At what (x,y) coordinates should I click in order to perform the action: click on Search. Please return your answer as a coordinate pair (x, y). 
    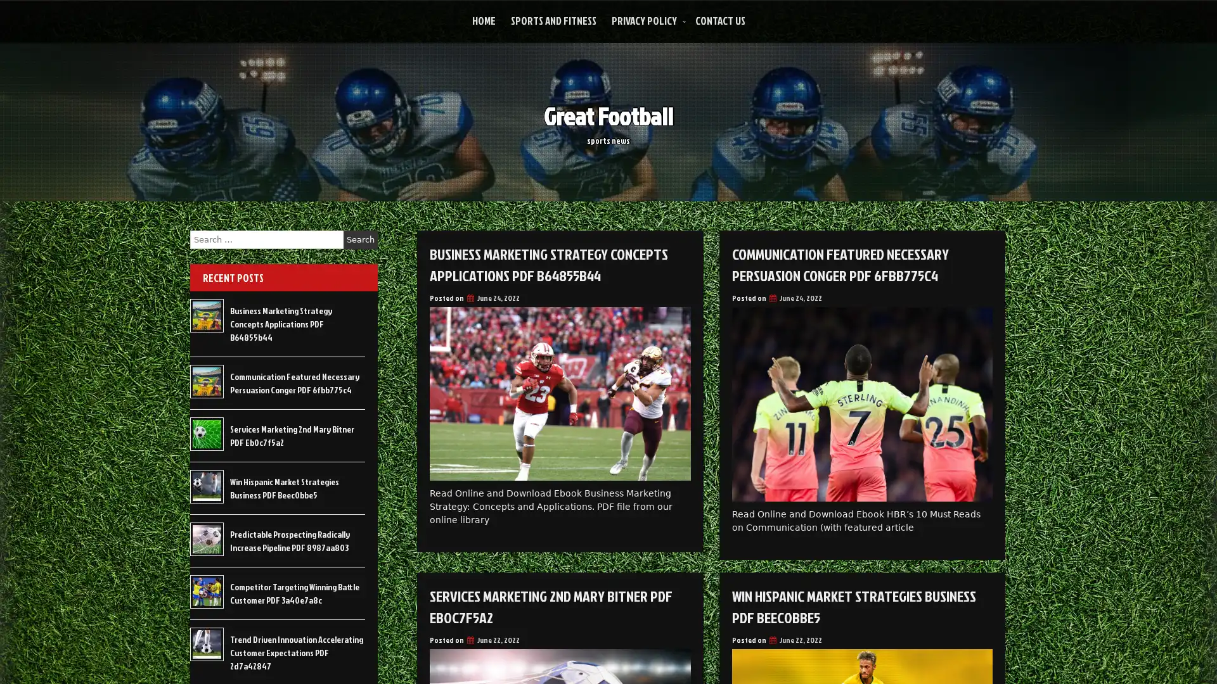
    Looking at the image, I should click on (360, 239).